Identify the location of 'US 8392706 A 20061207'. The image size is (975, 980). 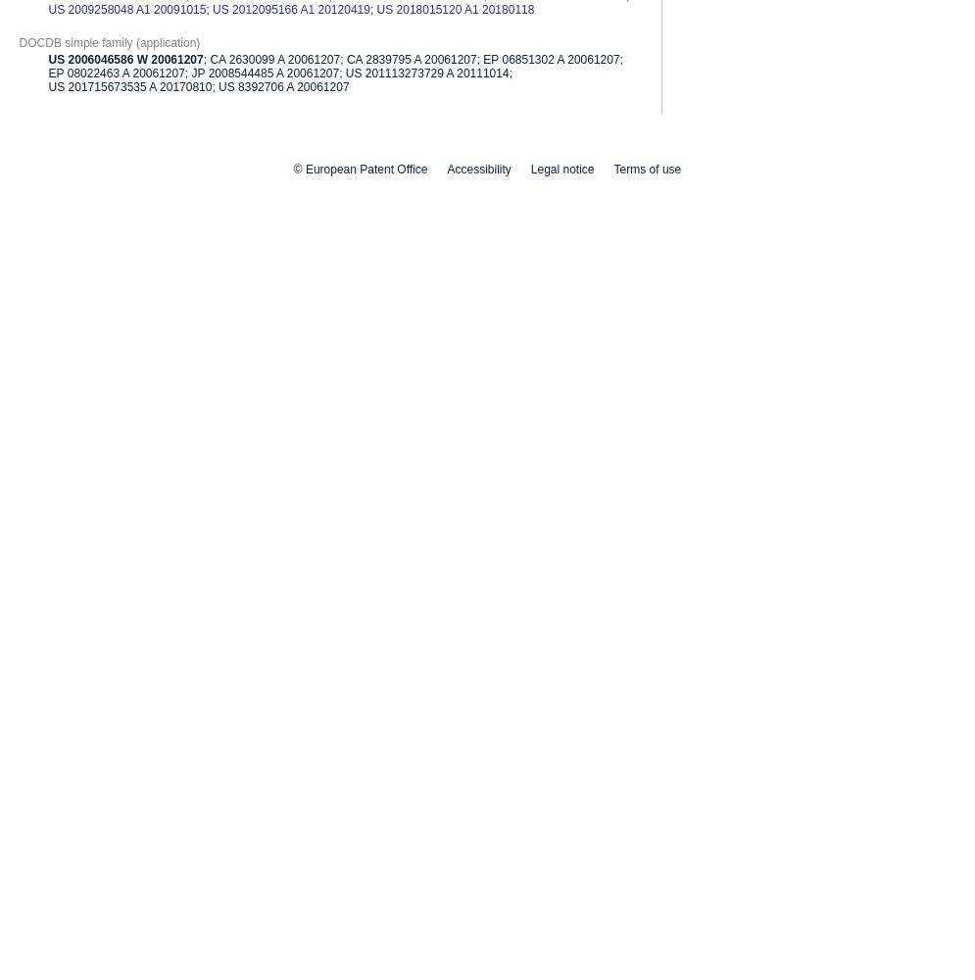
(217, 85).